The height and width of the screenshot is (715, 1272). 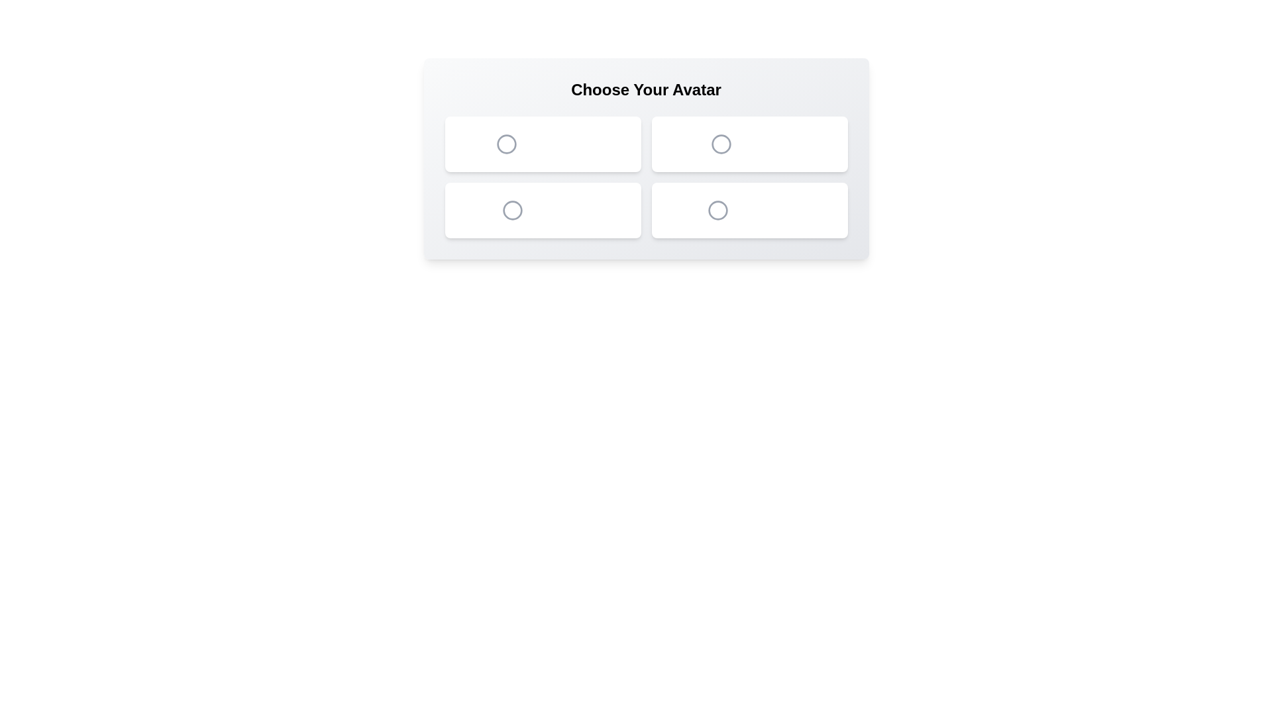 I want to click on the vector graphic circle element located in the second row, first column of the avatar selection grid for interaction, so click(x=511, y=209).